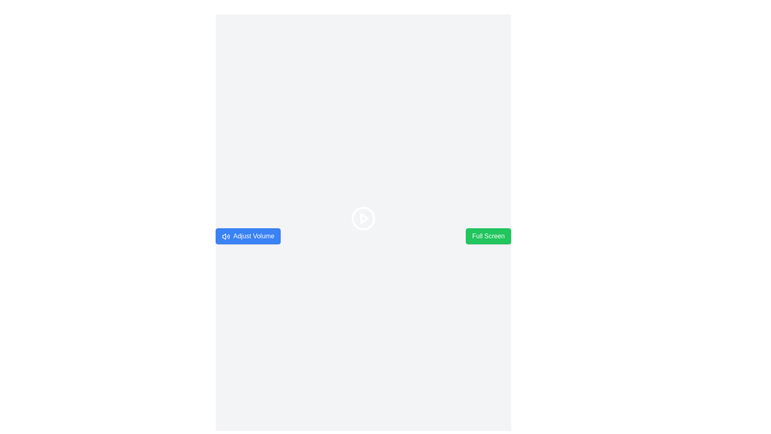  Describe the element at coordinates (363, 218) in the screenshot. I see `the SVG Circle element, which is a prominent circular feature with a radius of 10 units, located centrally within a 24 × 24 SVG play button` at that location.